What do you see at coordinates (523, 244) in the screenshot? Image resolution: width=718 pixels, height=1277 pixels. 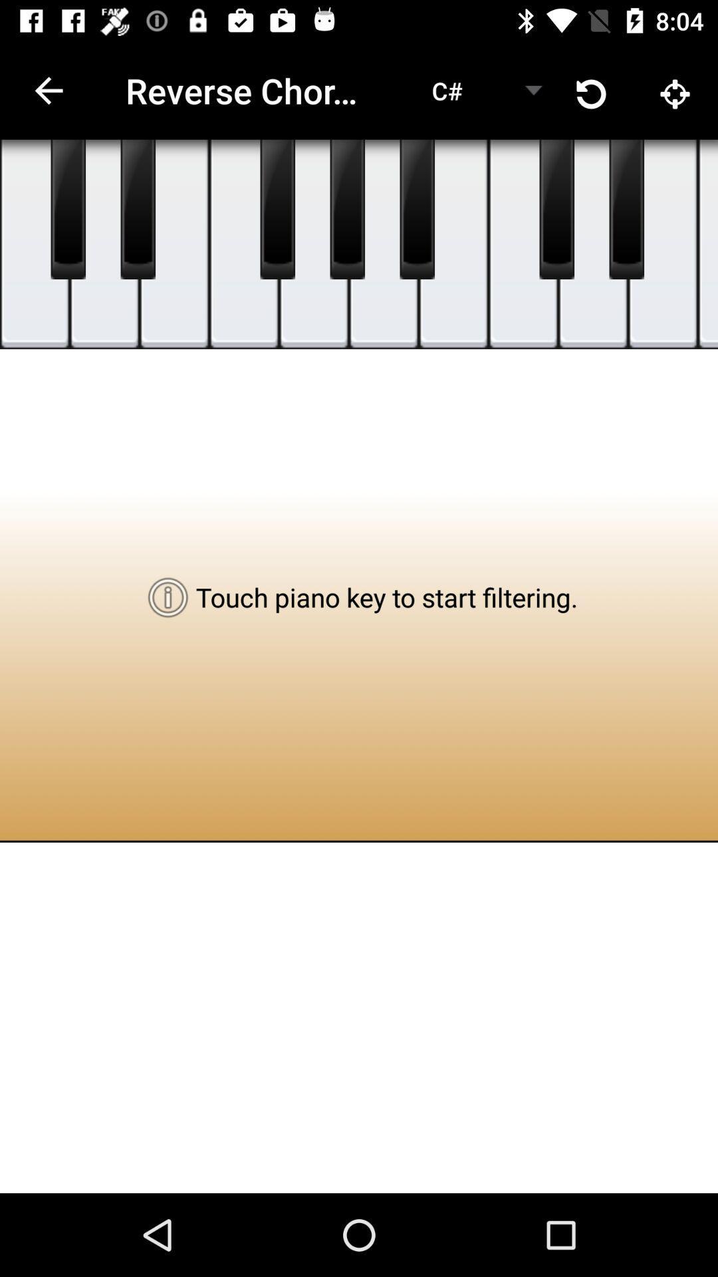 I see `music key` at bounding box center [523, 244].